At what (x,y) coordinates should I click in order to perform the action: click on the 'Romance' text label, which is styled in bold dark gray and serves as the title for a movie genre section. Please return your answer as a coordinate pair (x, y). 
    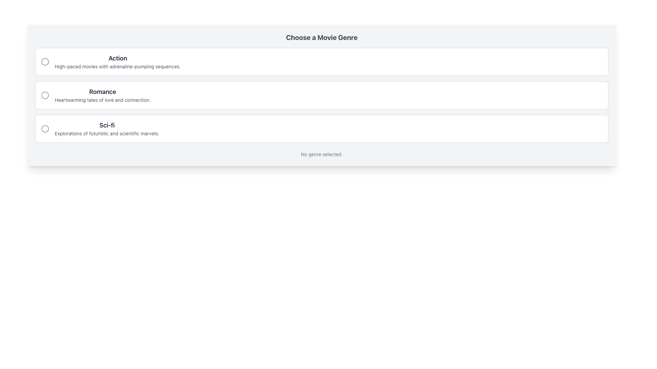
    Looking at the image, I should click on (102, 92).